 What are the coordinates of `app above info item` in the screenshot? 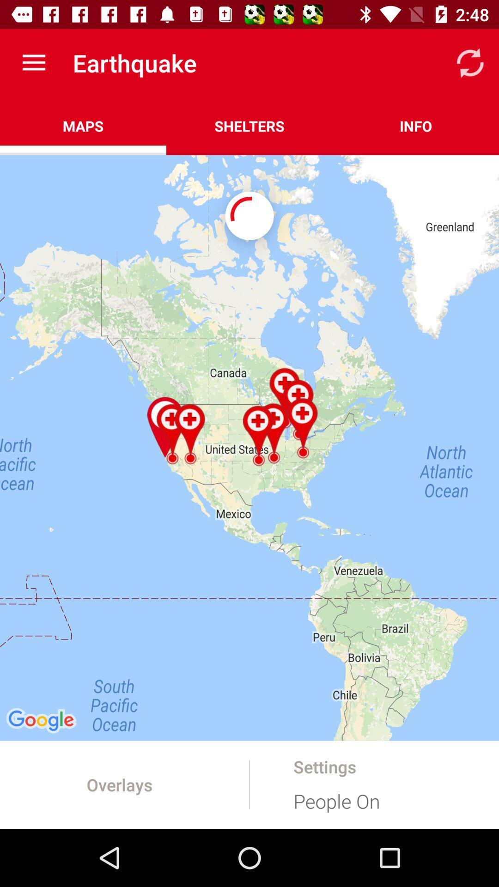 It's located at (470, 62).